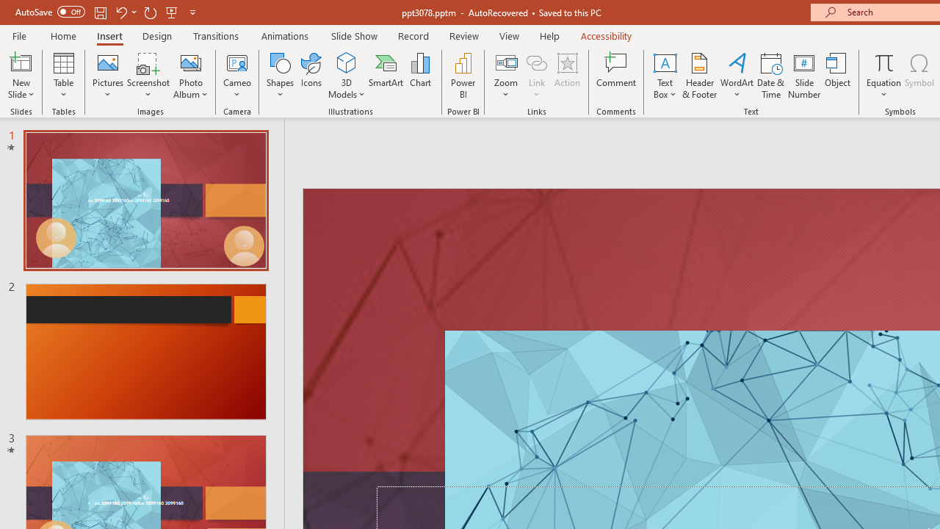  I want to click on 'Comment', so click(616, 76).